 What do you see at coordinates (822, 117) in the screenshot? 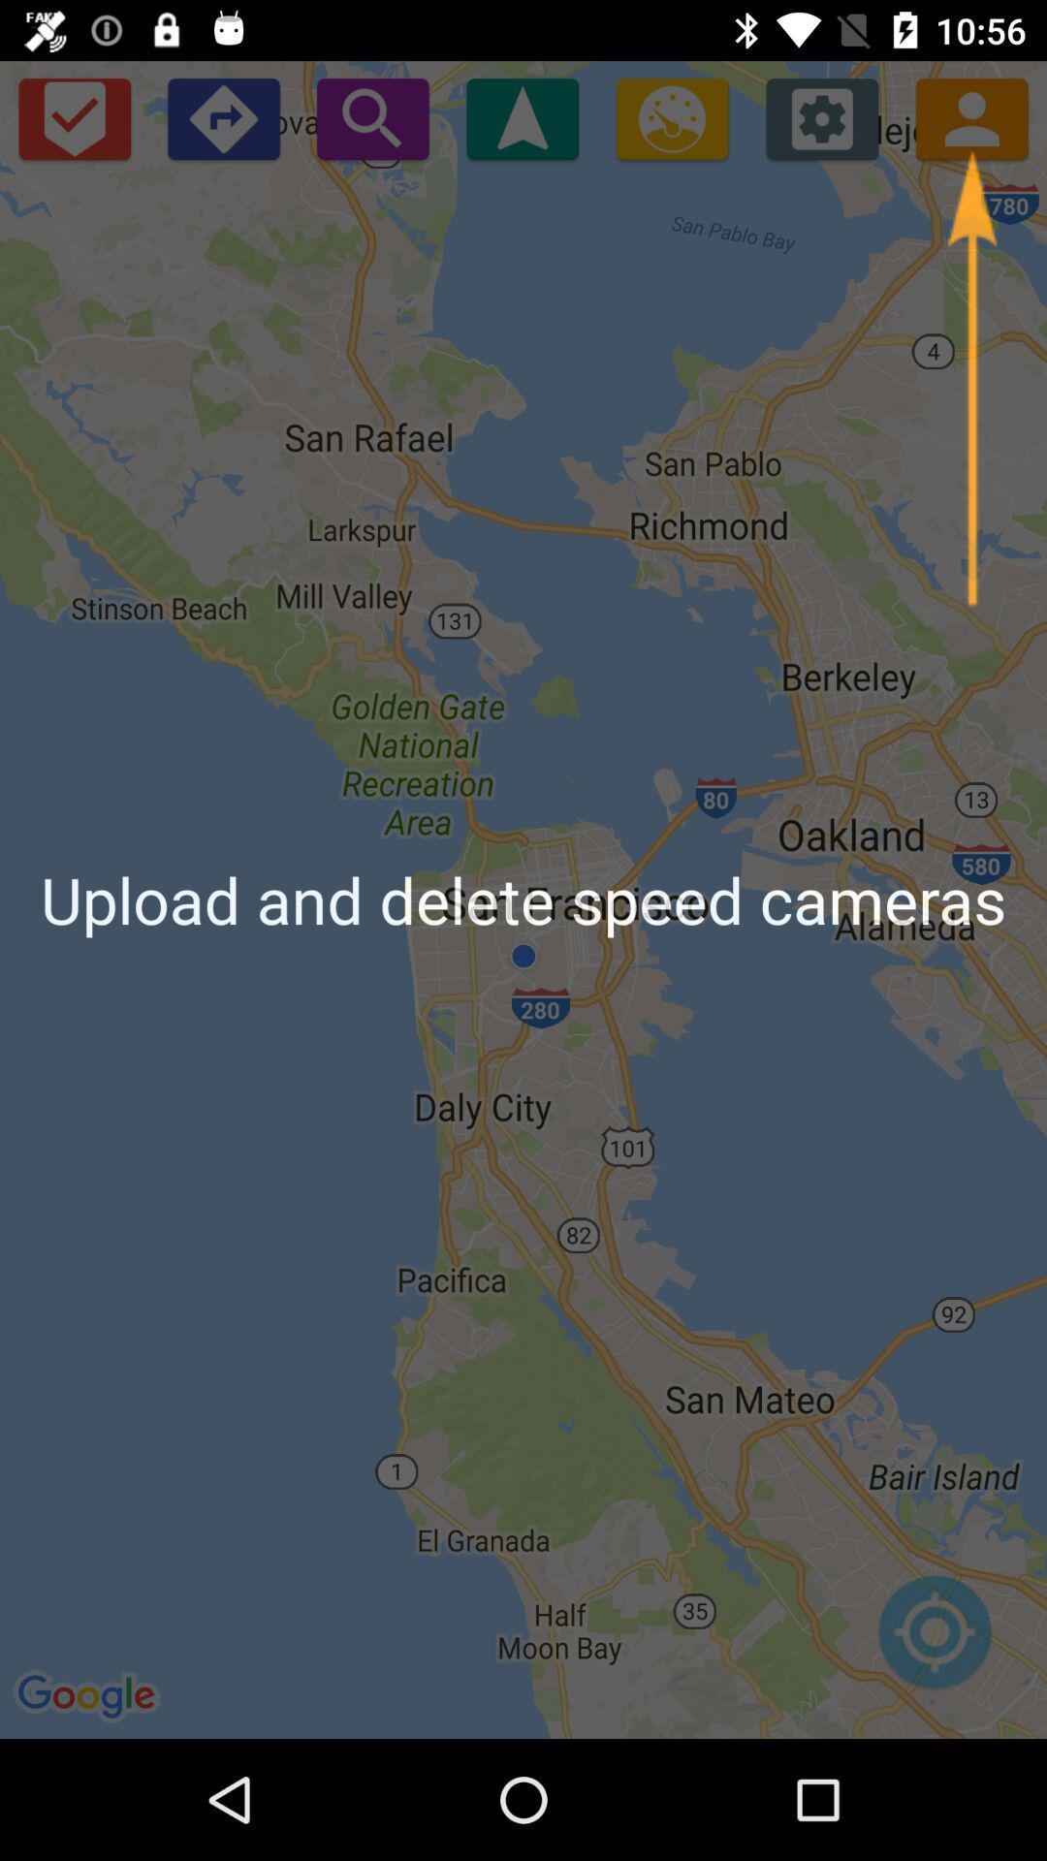
I see `the settings icon` at bounding box center [822, 117].